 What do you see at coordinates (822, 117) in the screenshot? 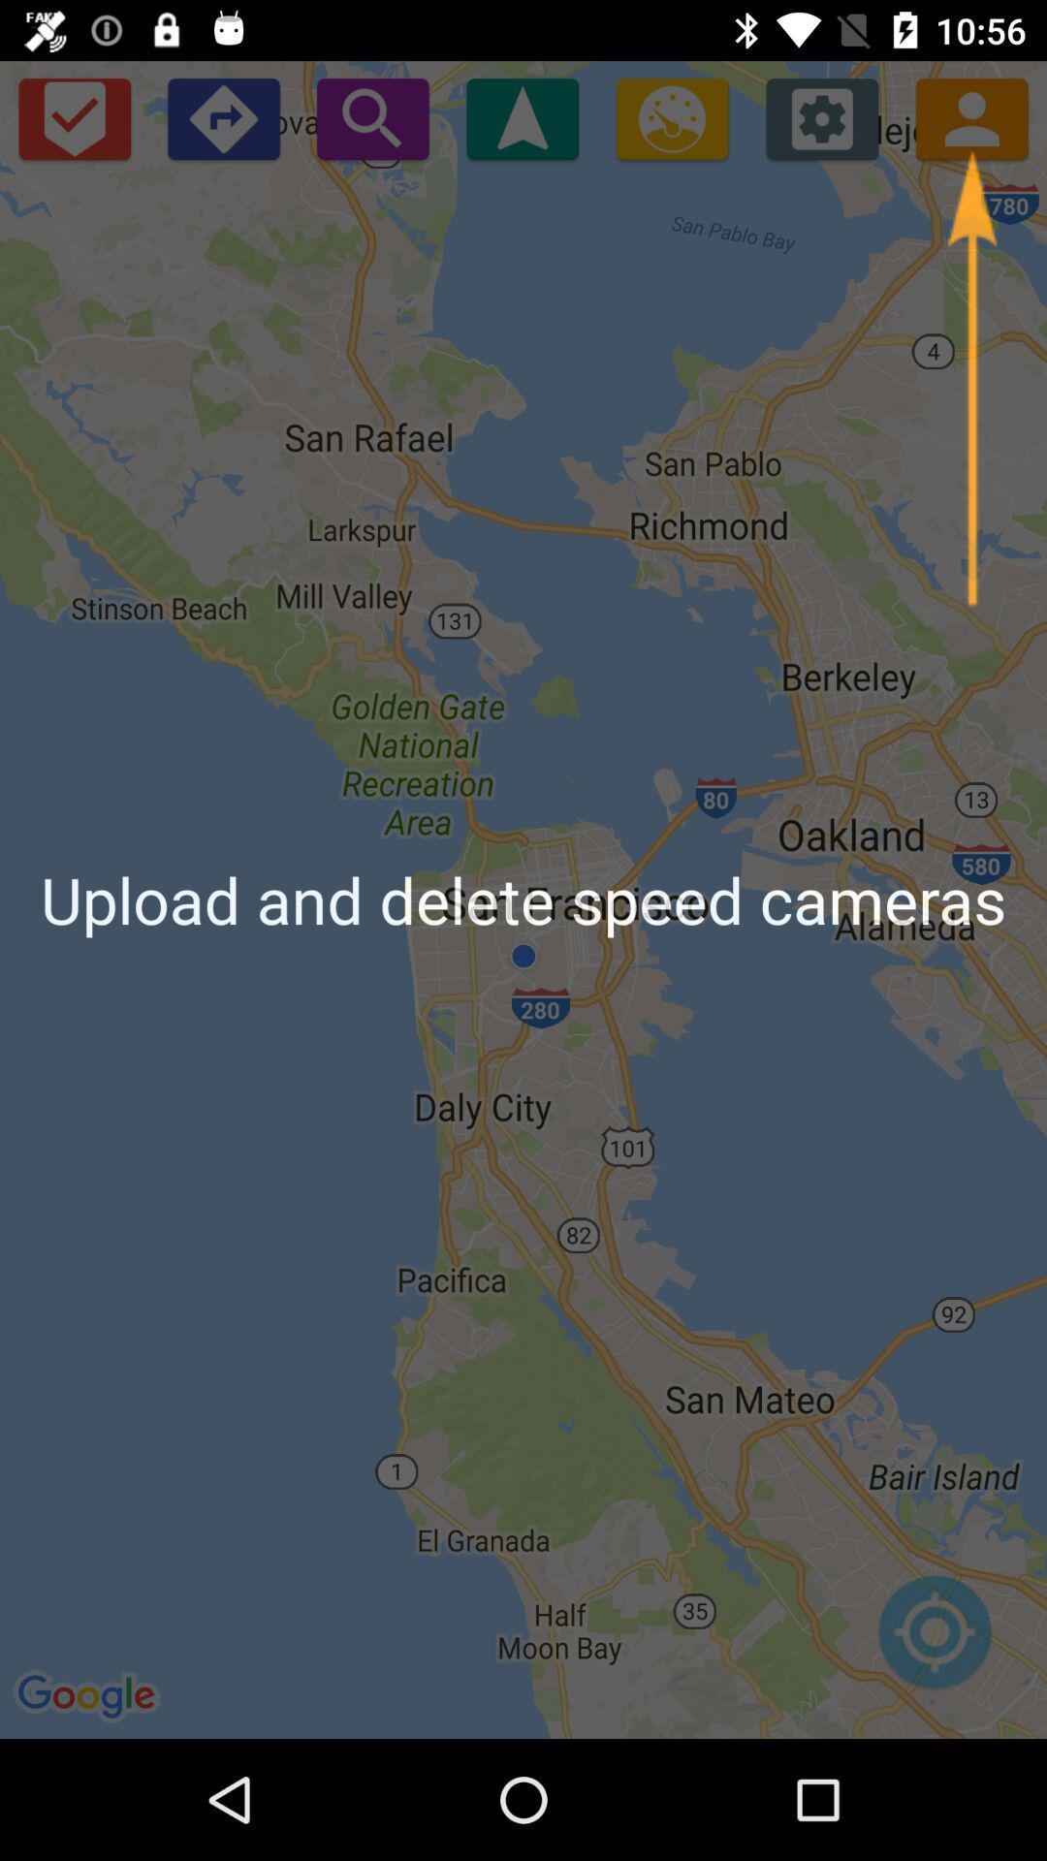
I see `the settings icon` at bounding box center [822, 117].